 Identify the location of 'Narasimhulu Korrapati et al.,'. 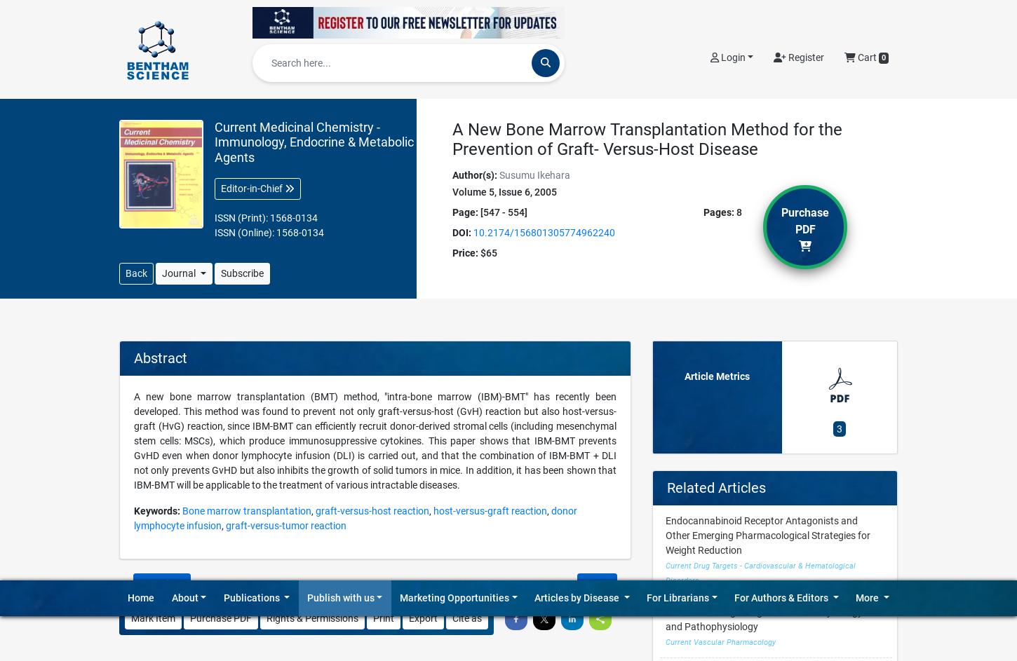
(180, 273).